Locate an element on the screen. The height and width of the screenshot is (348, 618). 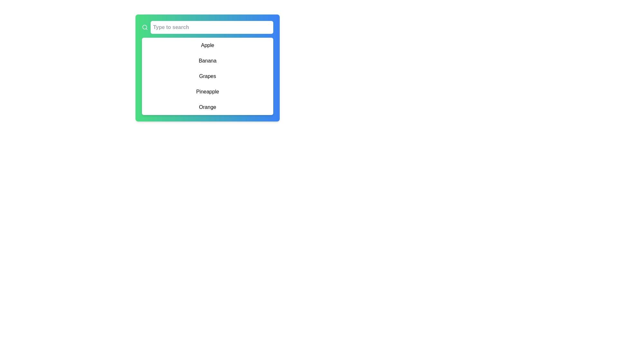
the list item labeled 'Pineapple' in the dropdown menu is located at coordinates (207, 92).